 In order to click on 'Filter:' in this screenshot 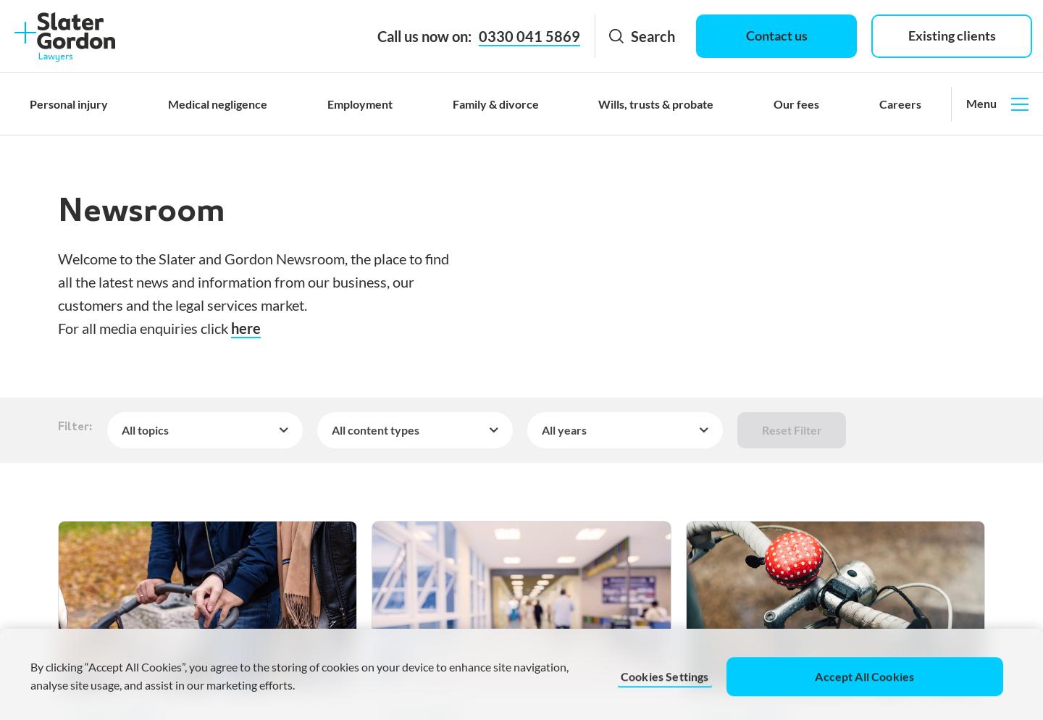, I will do `click(75, 427)`.